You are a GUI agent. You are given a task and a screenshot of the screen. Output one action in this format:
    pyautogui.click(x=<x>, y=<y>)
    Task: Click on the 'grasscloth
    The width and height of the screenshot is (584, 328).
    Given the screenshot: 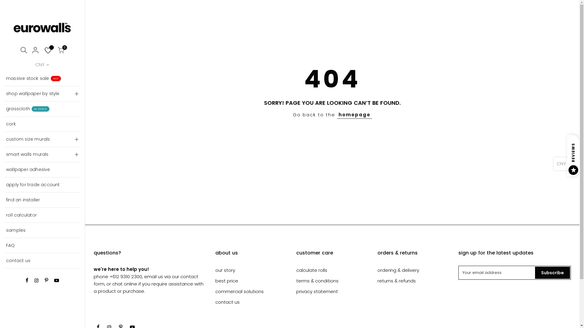 What is the action you would take?
    pyautogui.click(x=42, y=108)
    